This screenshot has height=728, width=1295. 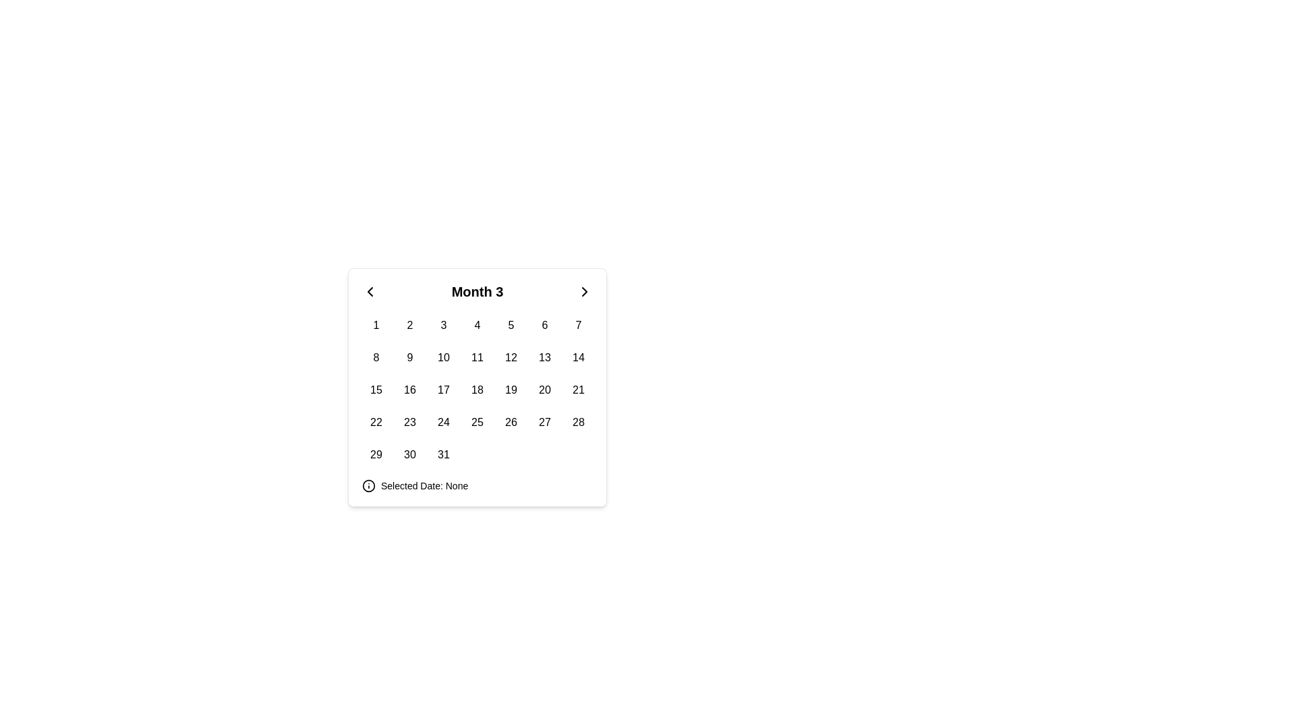 I want to click on the rounded square button labeled '17' in the calendar grid, so click(x=443, y=390).